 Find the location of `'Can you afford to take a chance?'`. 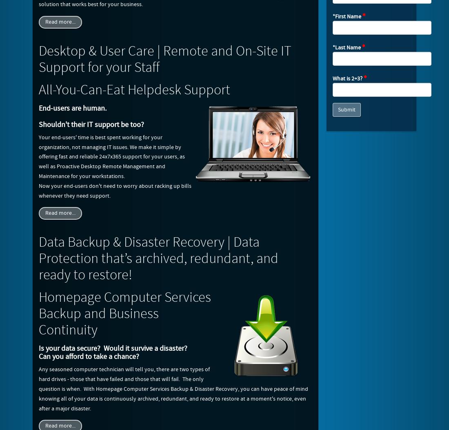

'Can you afford to take a chance?' is located at coordinates (89, 356).